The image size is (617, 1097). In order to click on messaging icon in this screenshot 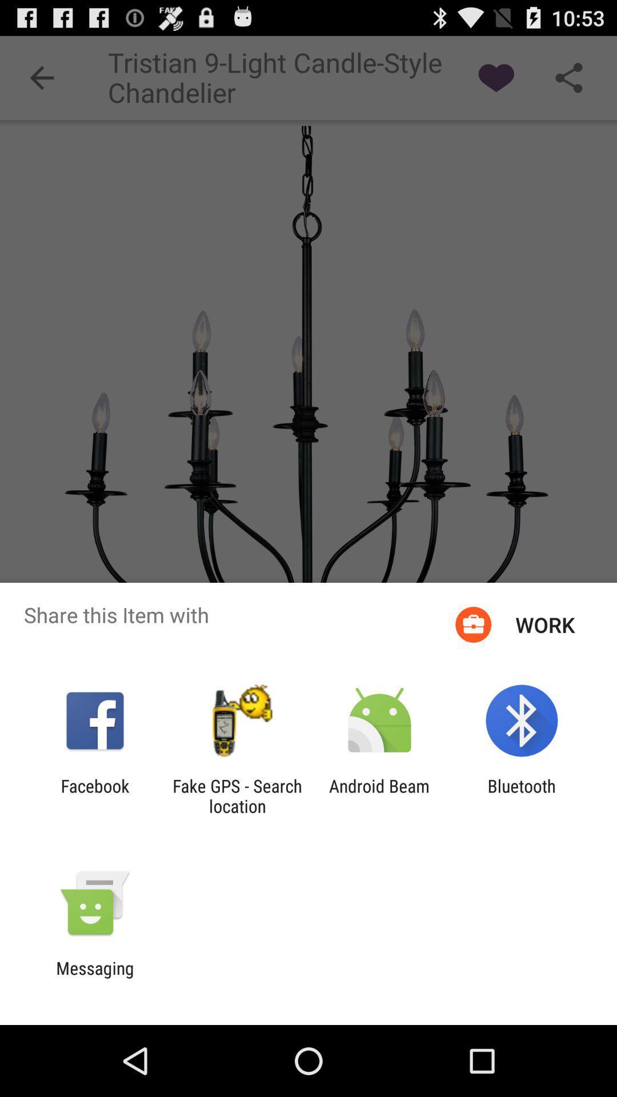, I will do `click(94, 978)`.